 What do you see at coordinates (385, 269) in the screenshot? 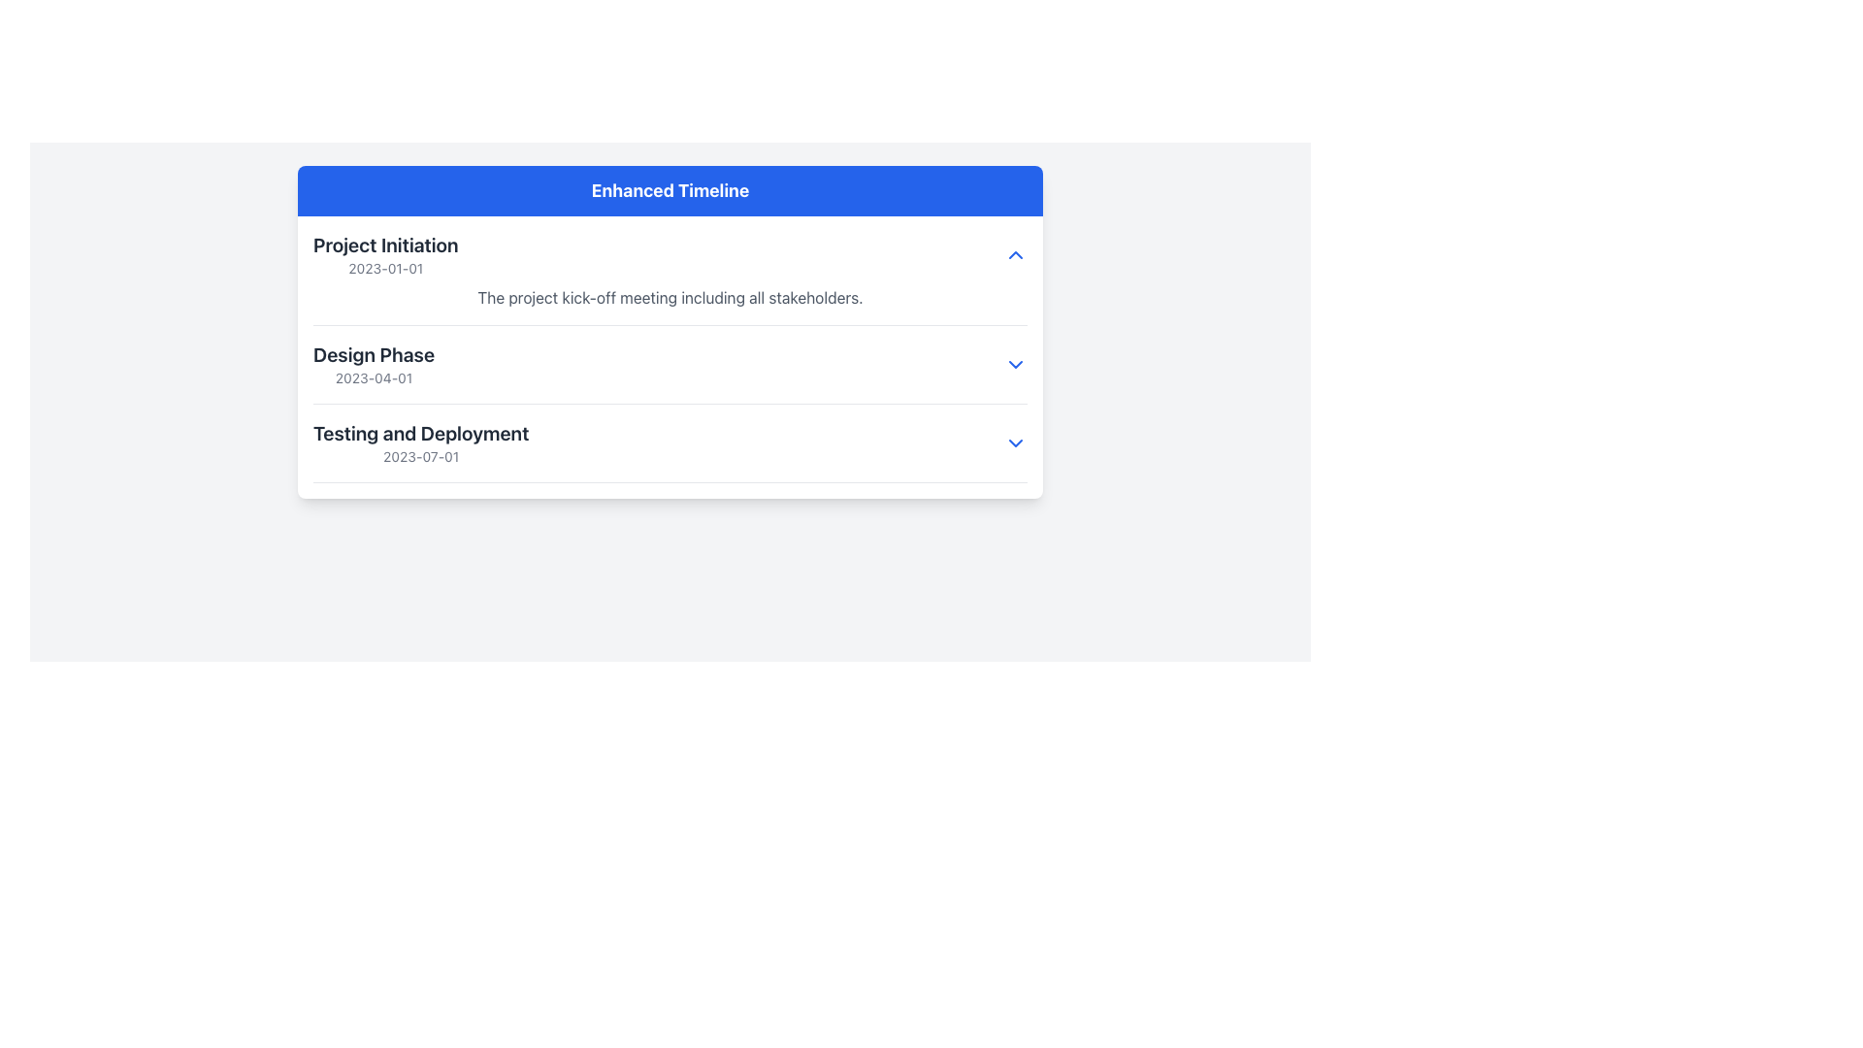
I see `date displayed in the text label showing '2023-01-01' located below 'Project Initiation' in the timeline component` at bounding box center [385, 269].